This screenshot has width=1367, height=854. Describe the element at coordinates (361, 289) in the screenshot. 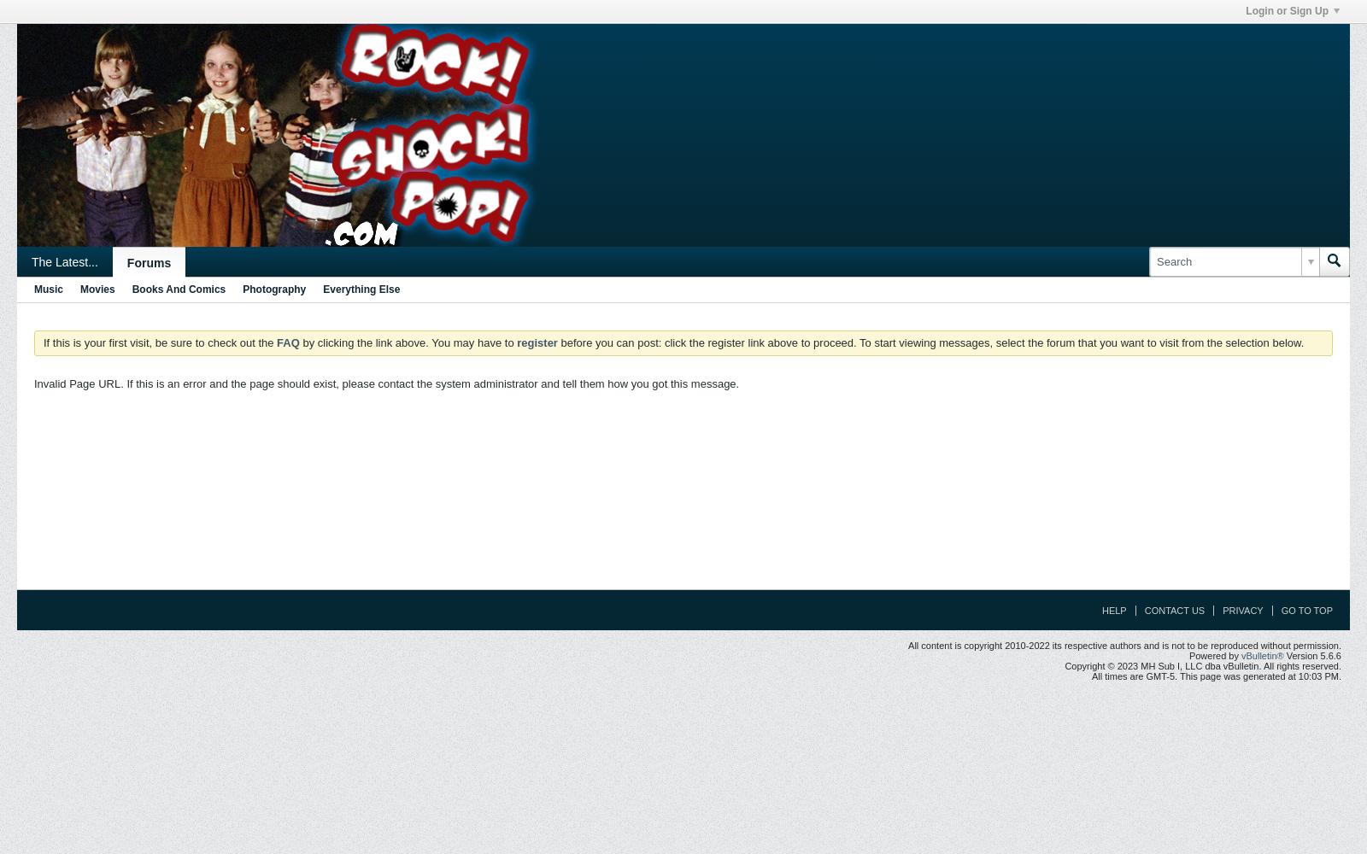

I see `'Everything Else'` at that location.